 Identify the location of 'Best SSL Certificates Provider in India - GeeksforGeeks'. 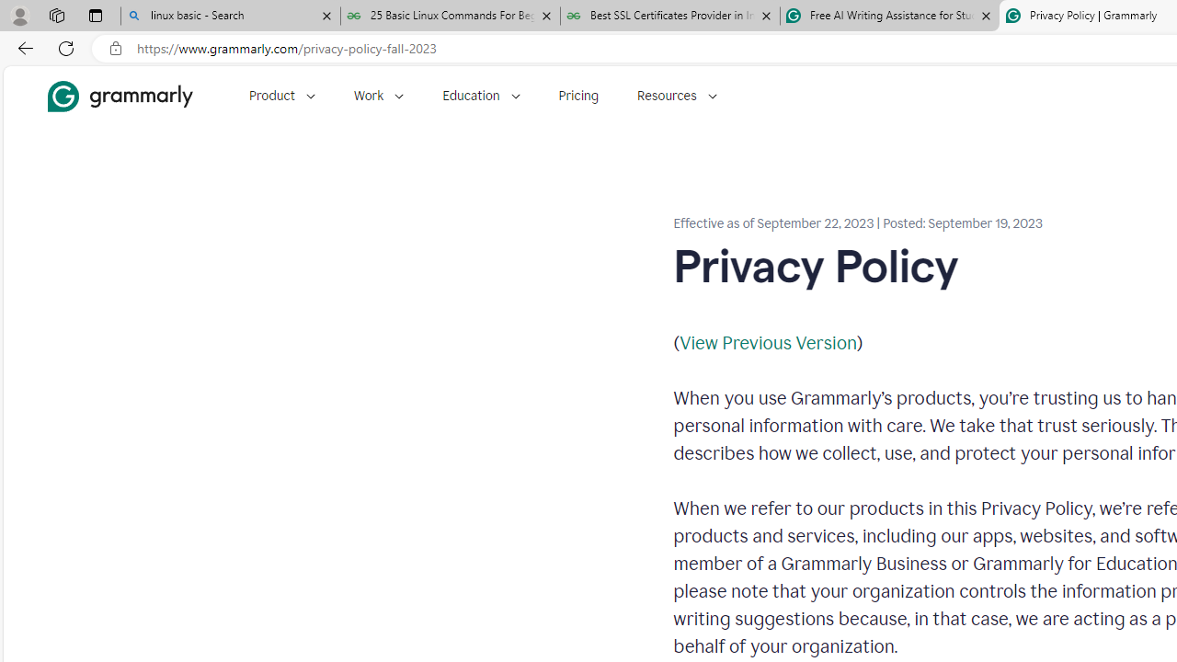
(669, 16).